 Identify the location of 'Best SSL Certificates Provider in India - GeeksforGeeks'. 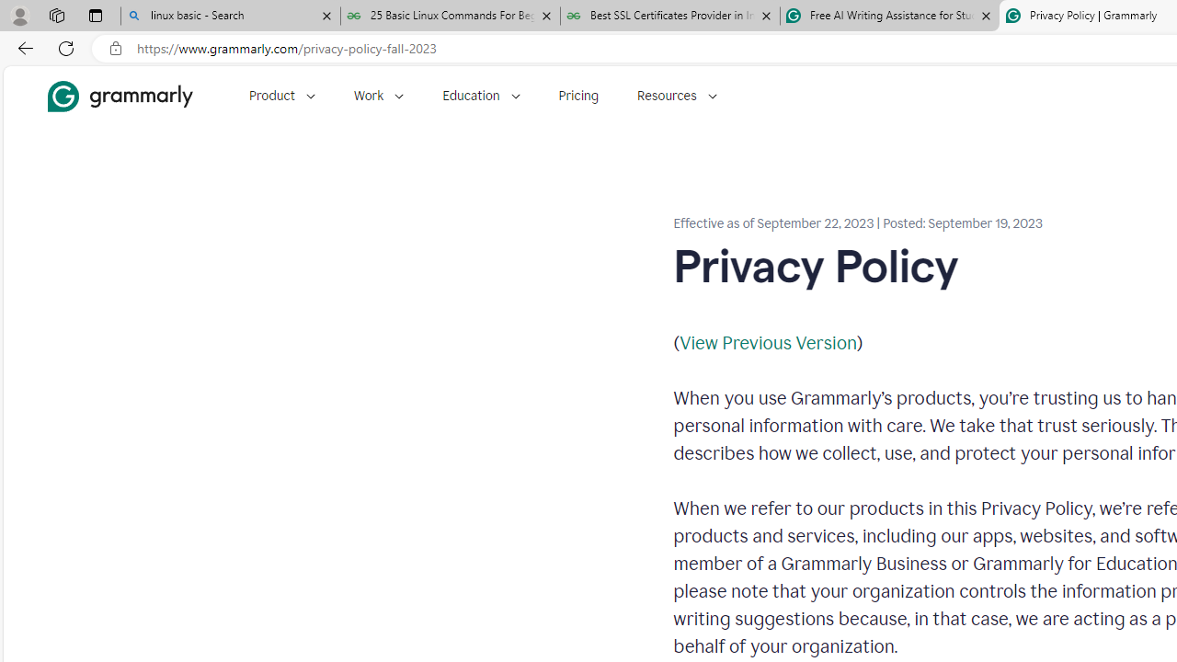
(669, 16).